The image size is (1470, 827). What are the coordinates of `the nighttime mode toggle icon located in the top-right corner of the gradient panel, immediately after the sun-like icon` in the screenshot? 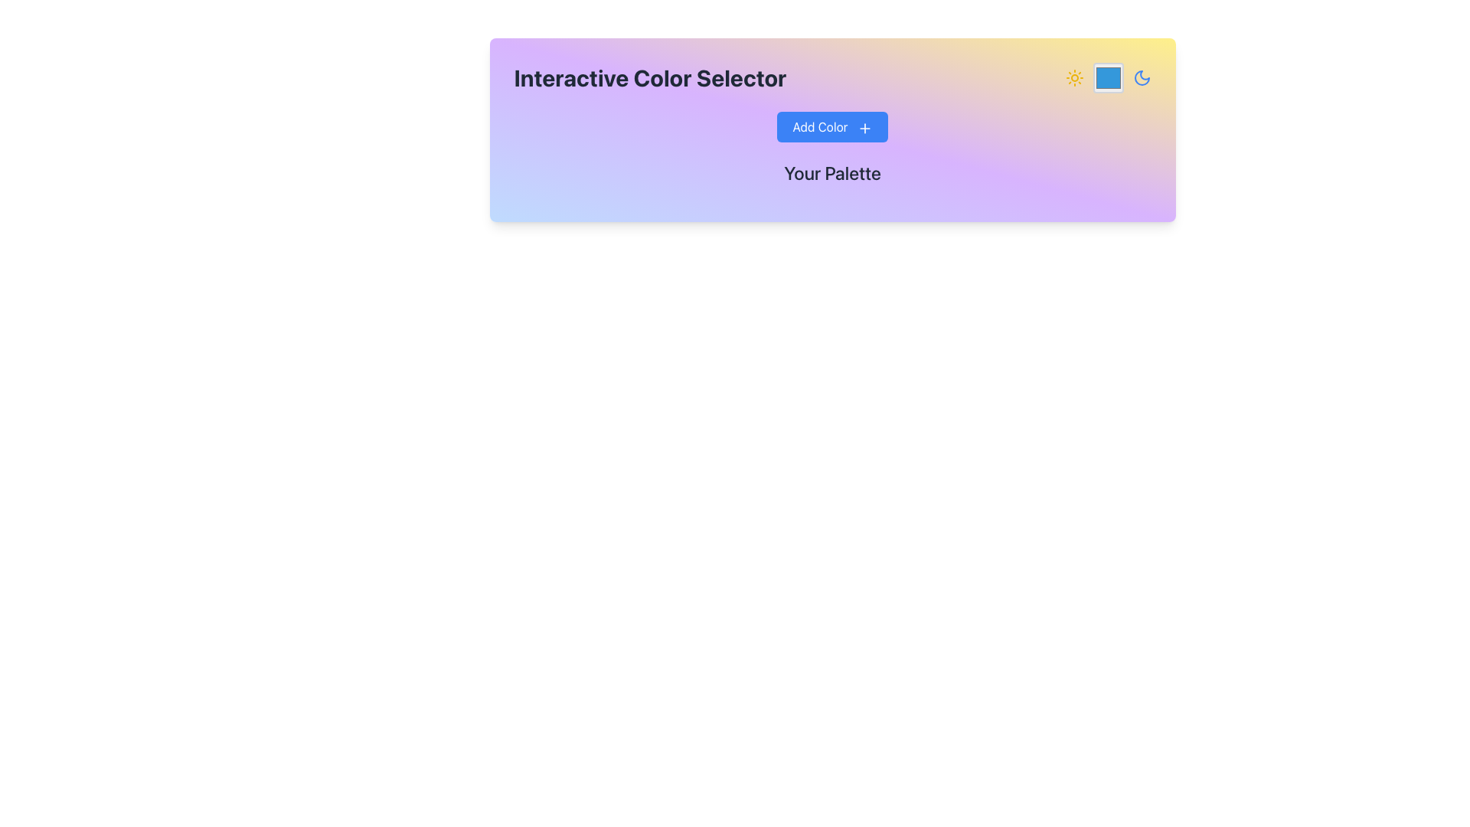 It's located at (1142, 77).